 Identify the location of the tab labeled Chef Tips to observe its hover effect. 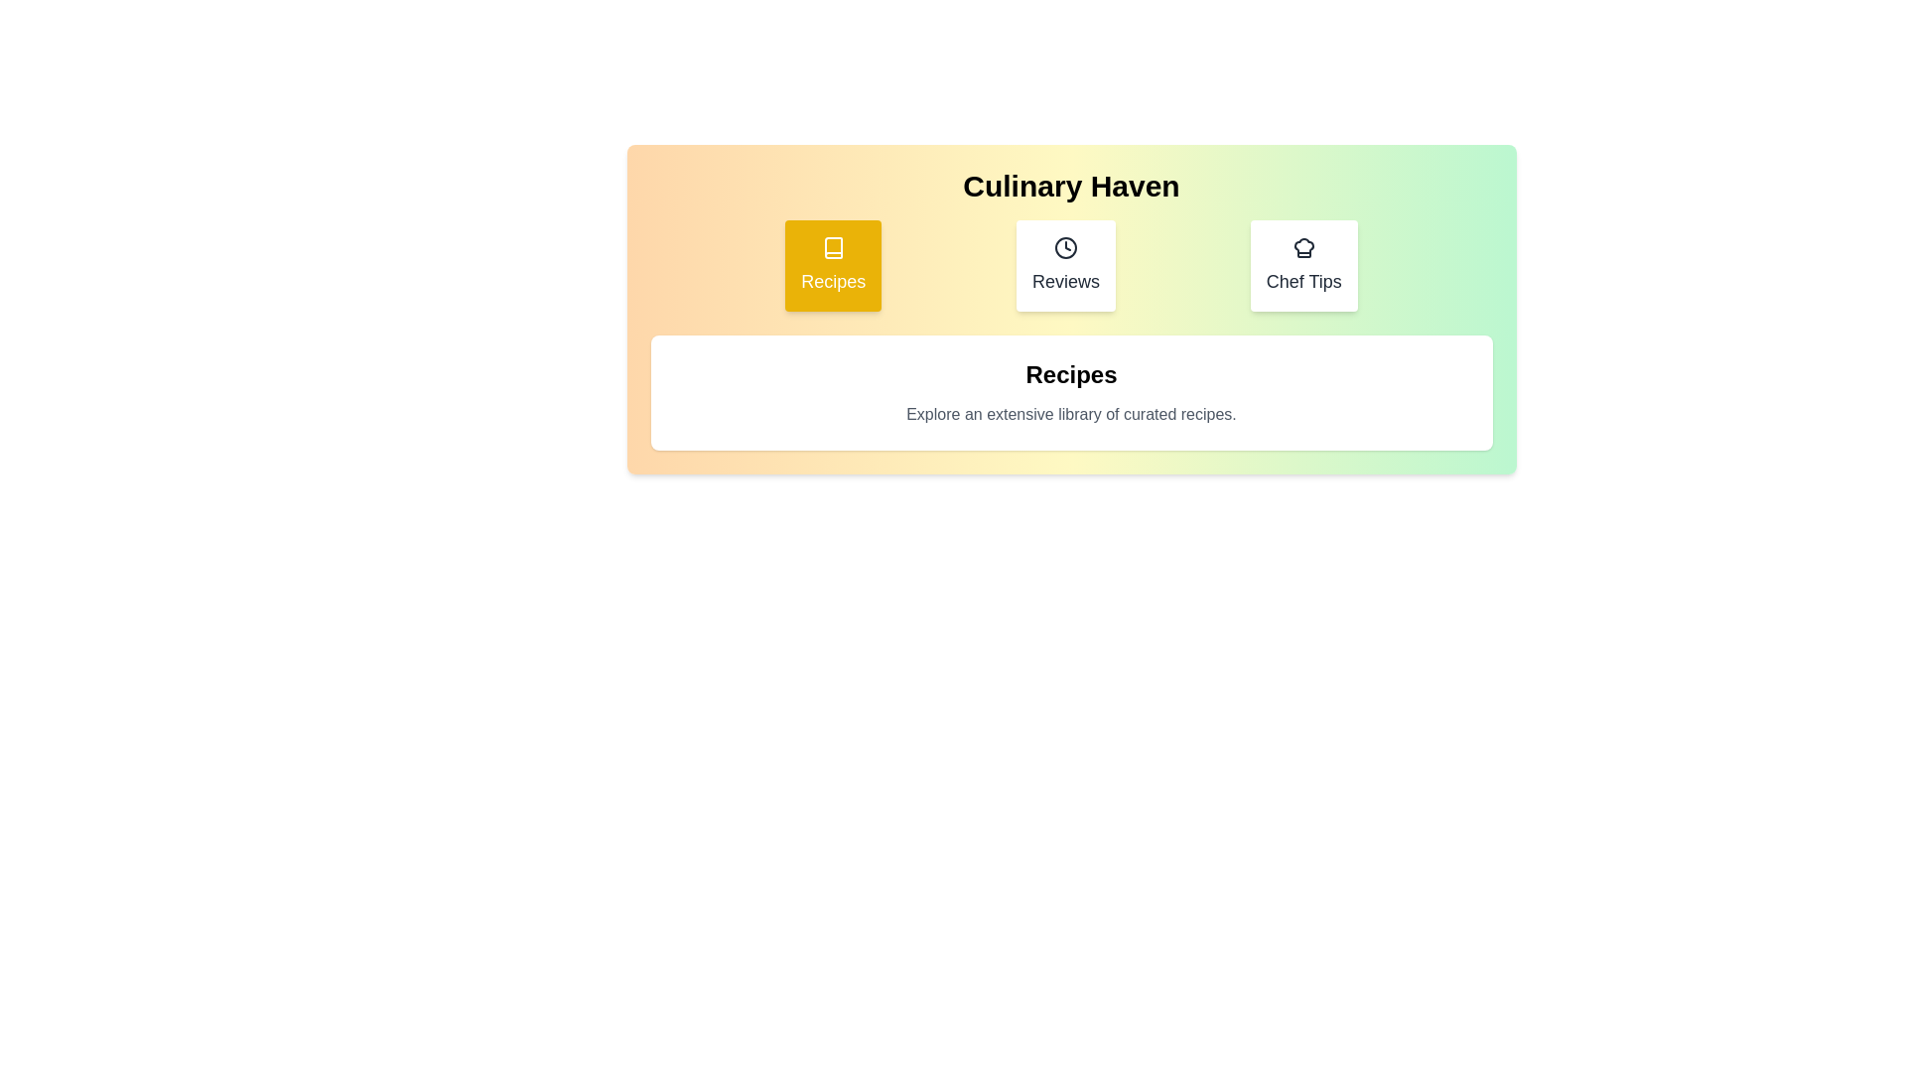
(1303, 264).